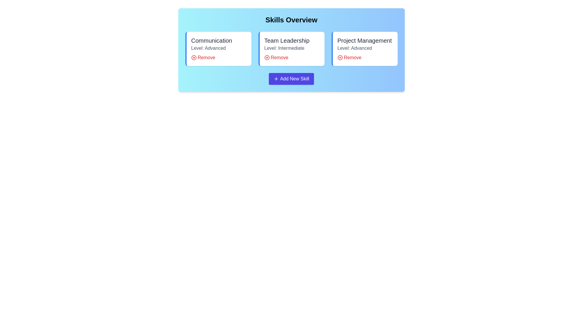  What do you see at coordinates (287, 40) in the screenshot?
I see `the skill name text for Team Leadership` at bounding box center [287, 40].